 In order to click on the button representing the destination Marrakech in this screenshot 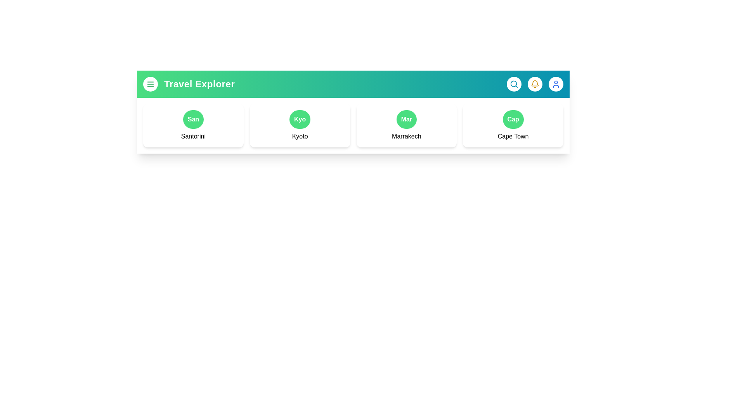, I will do `click(406, 119)`.